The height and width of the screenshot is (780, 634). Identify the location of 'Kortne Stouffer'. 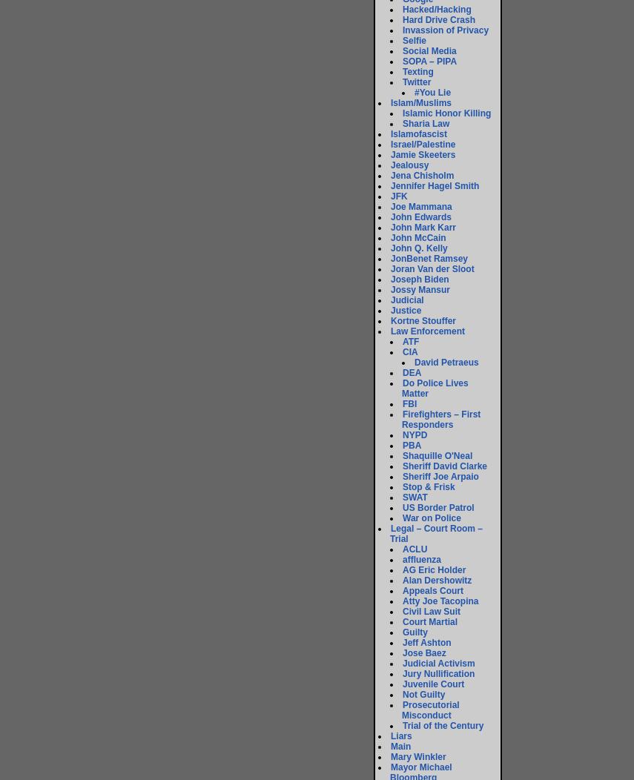
(422, 320).